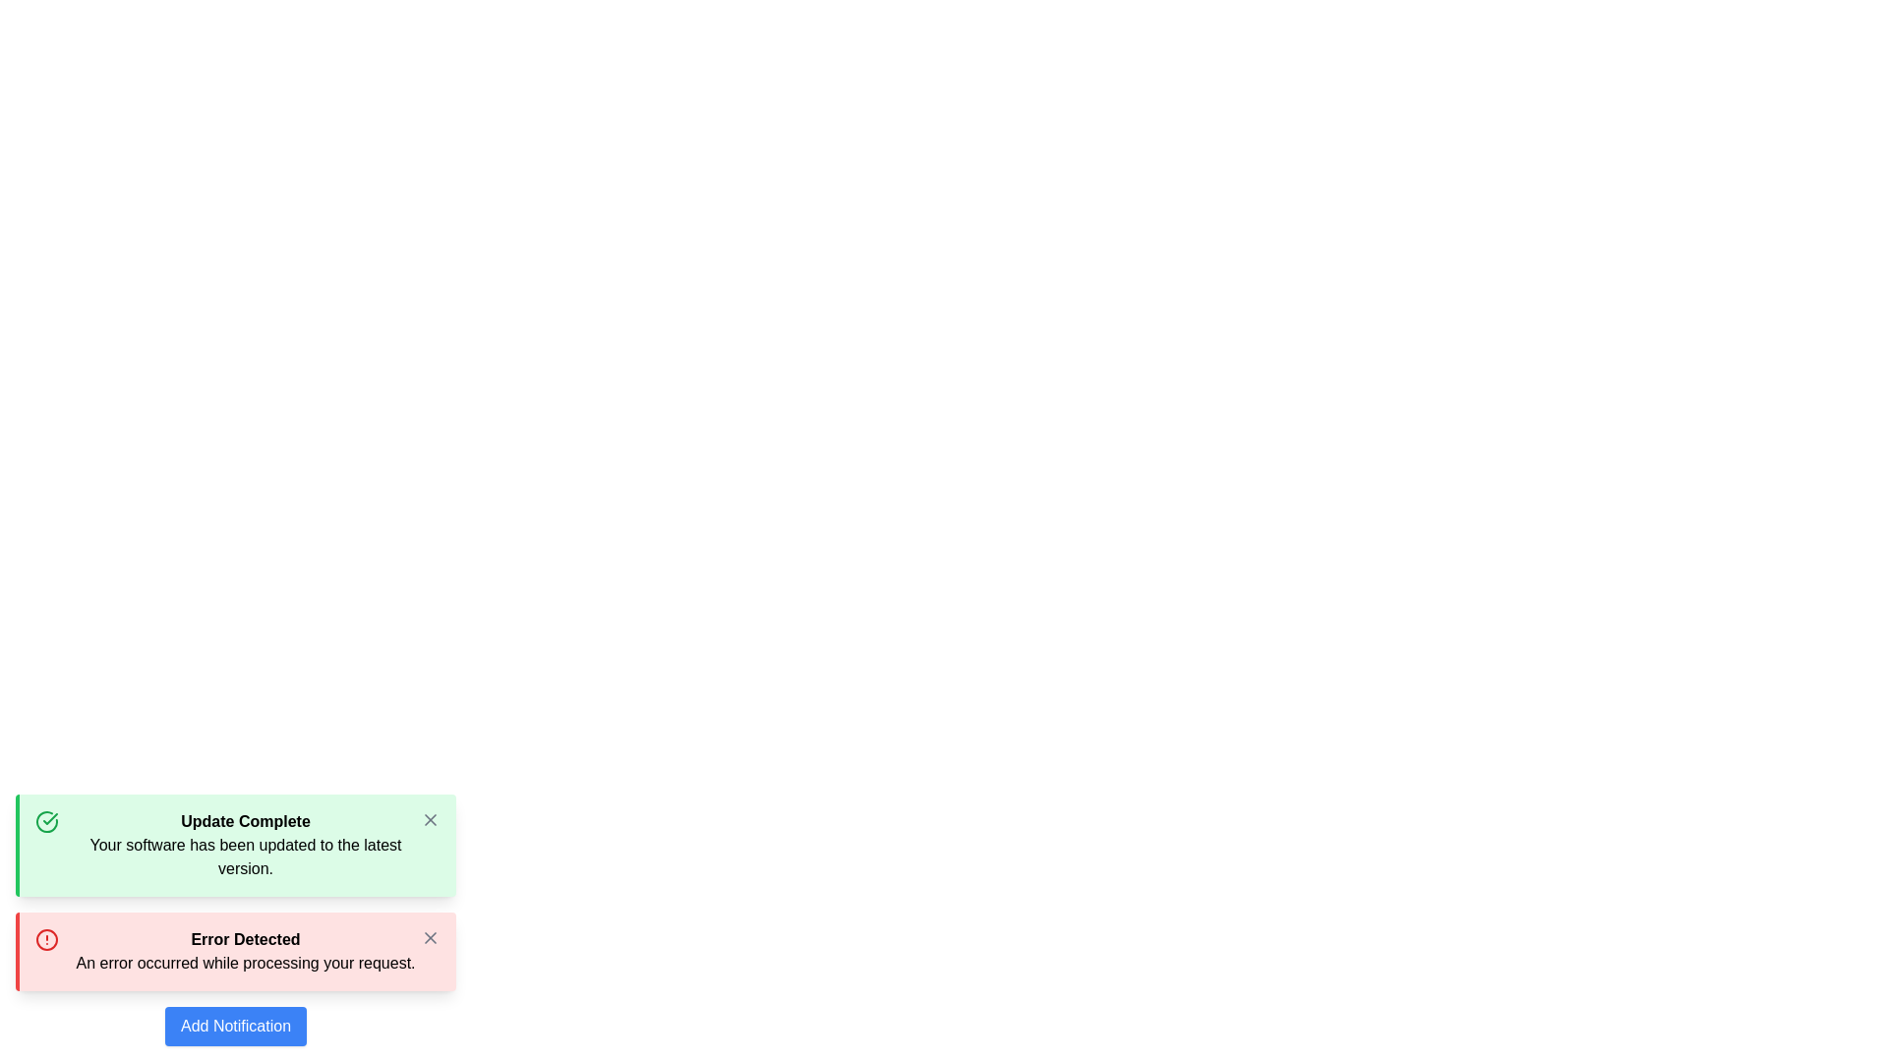 This screenshot has height=1062, width=1888. Describe the element at coordinates (429, 936) in the screenshot. I see `the small rounded button with an 'X' icon inside, styled in gray, located at the top-right corner of the error notification box` at that location.